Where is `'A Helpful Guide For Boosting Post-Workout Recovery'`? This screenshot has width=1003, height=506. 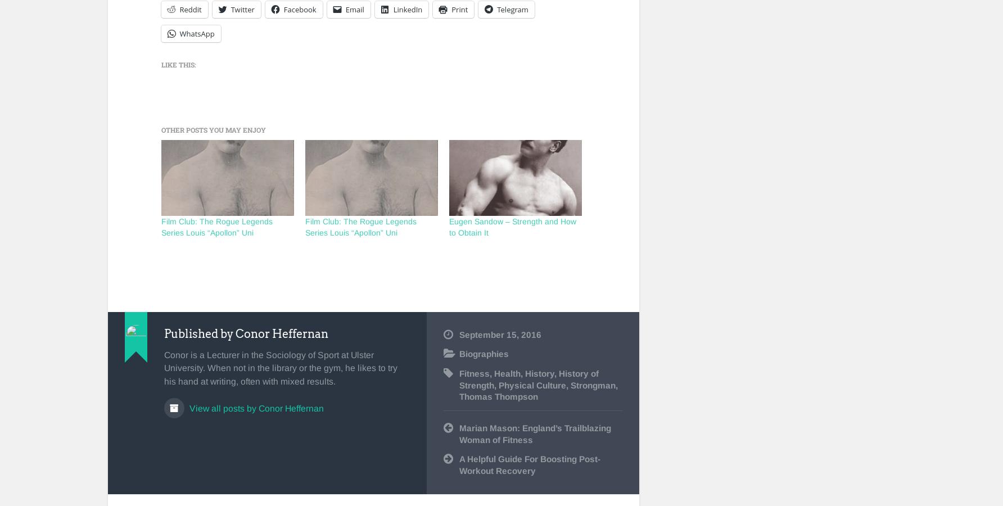 'A Helpful Guide For Boosting Post-Workout Recovery' is located at coordinates (530, 464).